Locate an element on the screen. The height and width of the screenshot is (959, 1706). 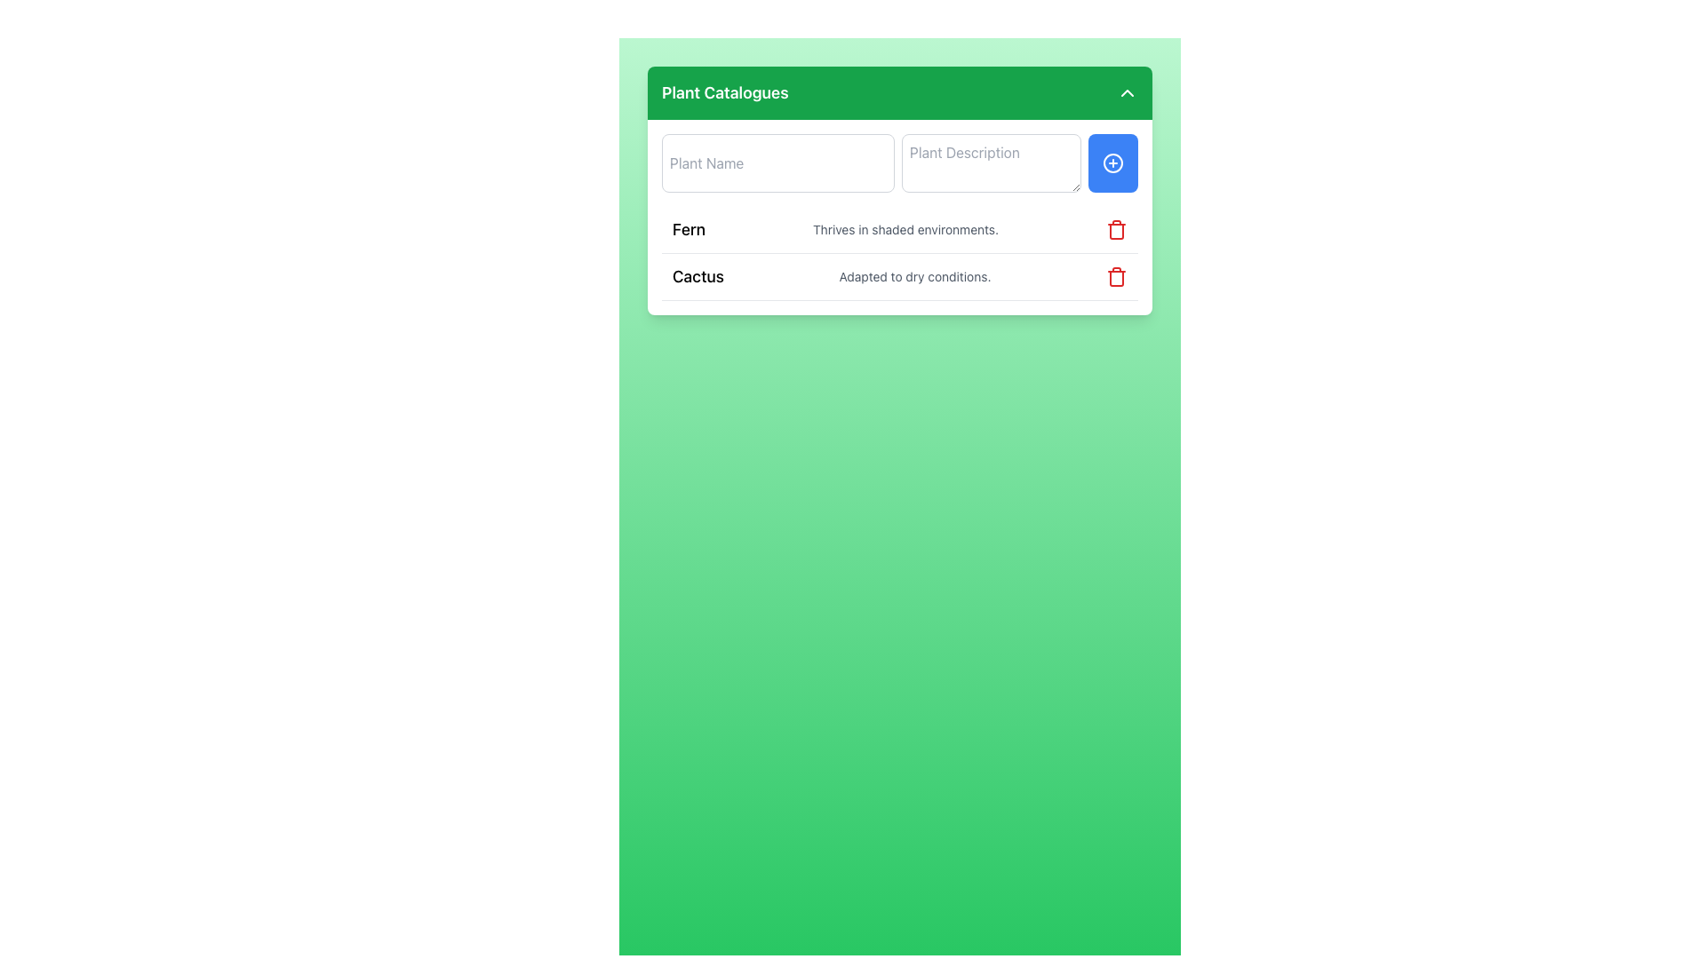
the first list item in the catalog, which contains the text 'Fern' and a red trash icon on the right, for additional interaction is located at coordinates (899, 229).